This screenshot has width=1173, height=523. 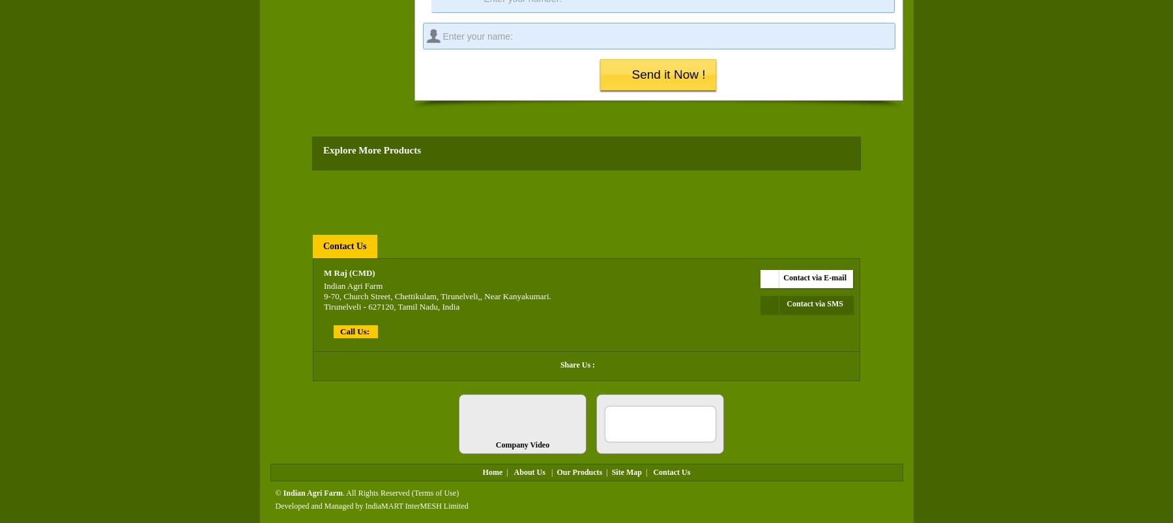 What do you see at coordinates (450, 306) in the screenshot?
I see `'India'` at bounding box center [450, 306].